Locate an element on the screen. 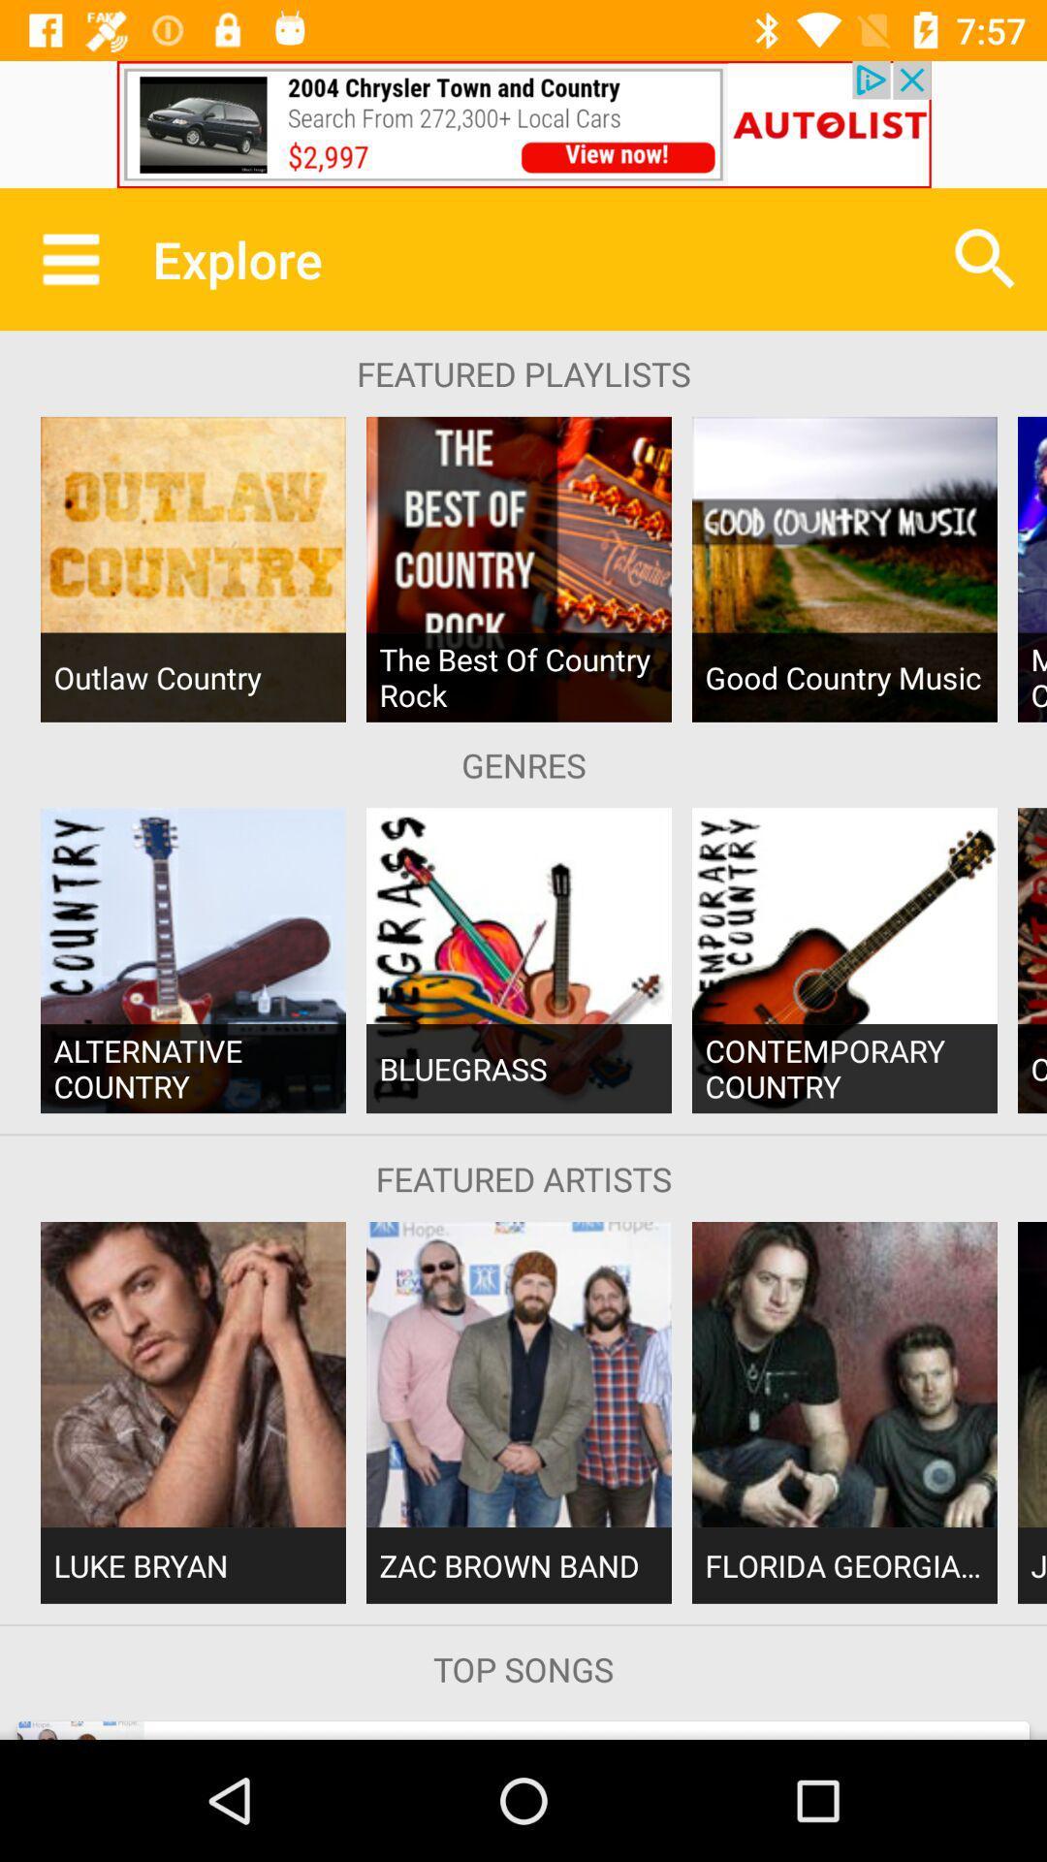 The image size is (1047, 1862). the advertisement is located at coordinates (523, 123).